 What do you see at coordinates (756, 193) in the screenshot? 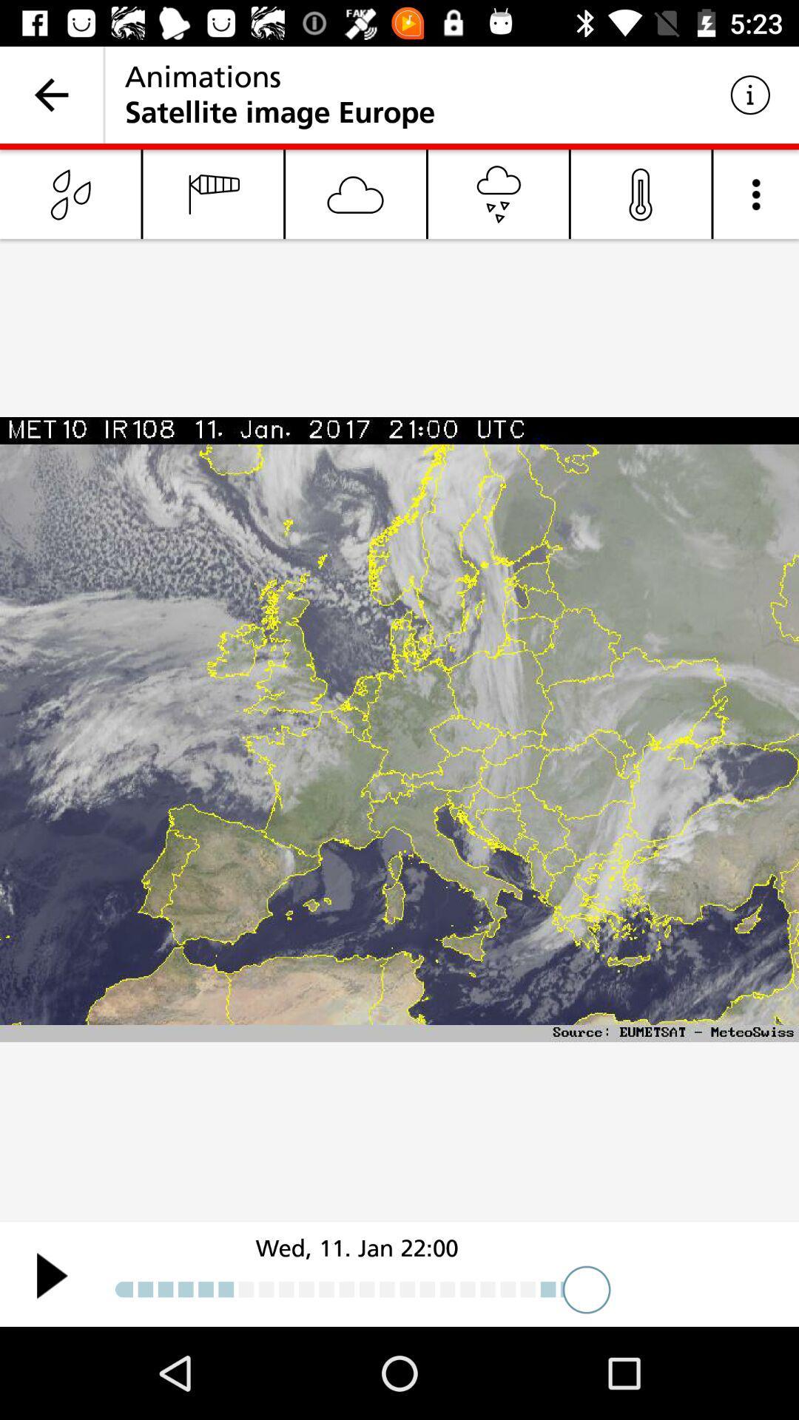
I see `menu` at bounding box center [756, 193].